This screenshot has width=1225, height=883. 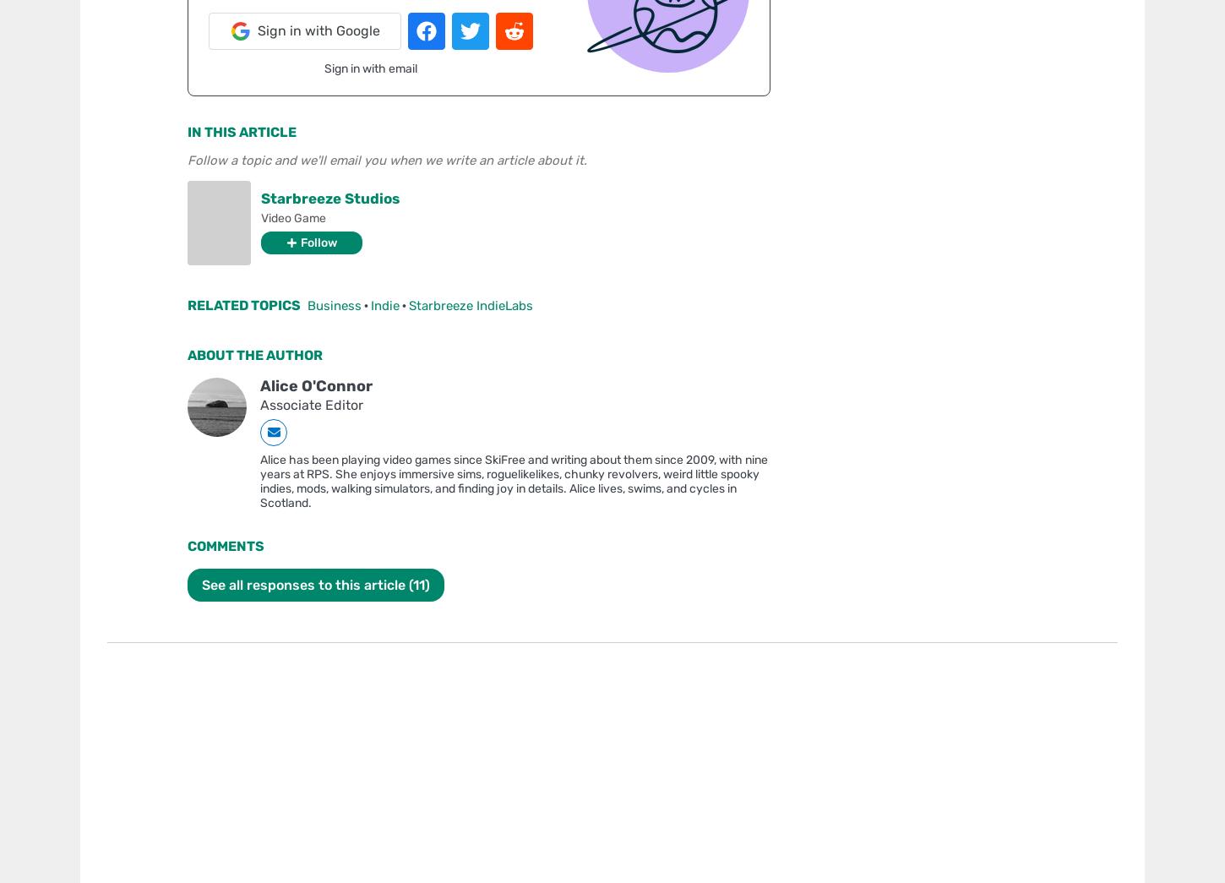 I want to click on 'Starbreeze Studios', so click(x=329, y=196).